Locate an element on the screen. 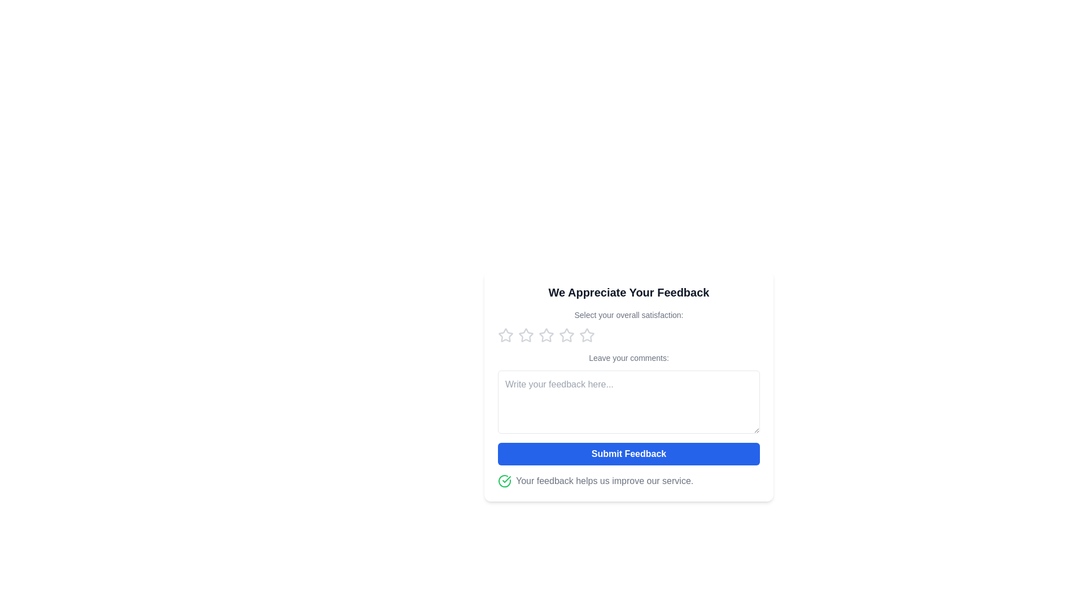 Image resolution: width=1084 pixels, height=610 pixels. the informational text element with a green checkmark icon that displays the message 'Your feedback helps us improve our service.' positioned below the 'Submit Feedback' button is located at coordinates (628, 481).